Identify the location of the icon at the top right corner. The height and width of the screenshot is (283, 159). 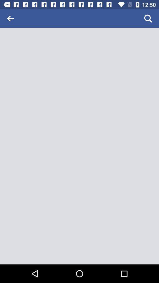
(148, 18).